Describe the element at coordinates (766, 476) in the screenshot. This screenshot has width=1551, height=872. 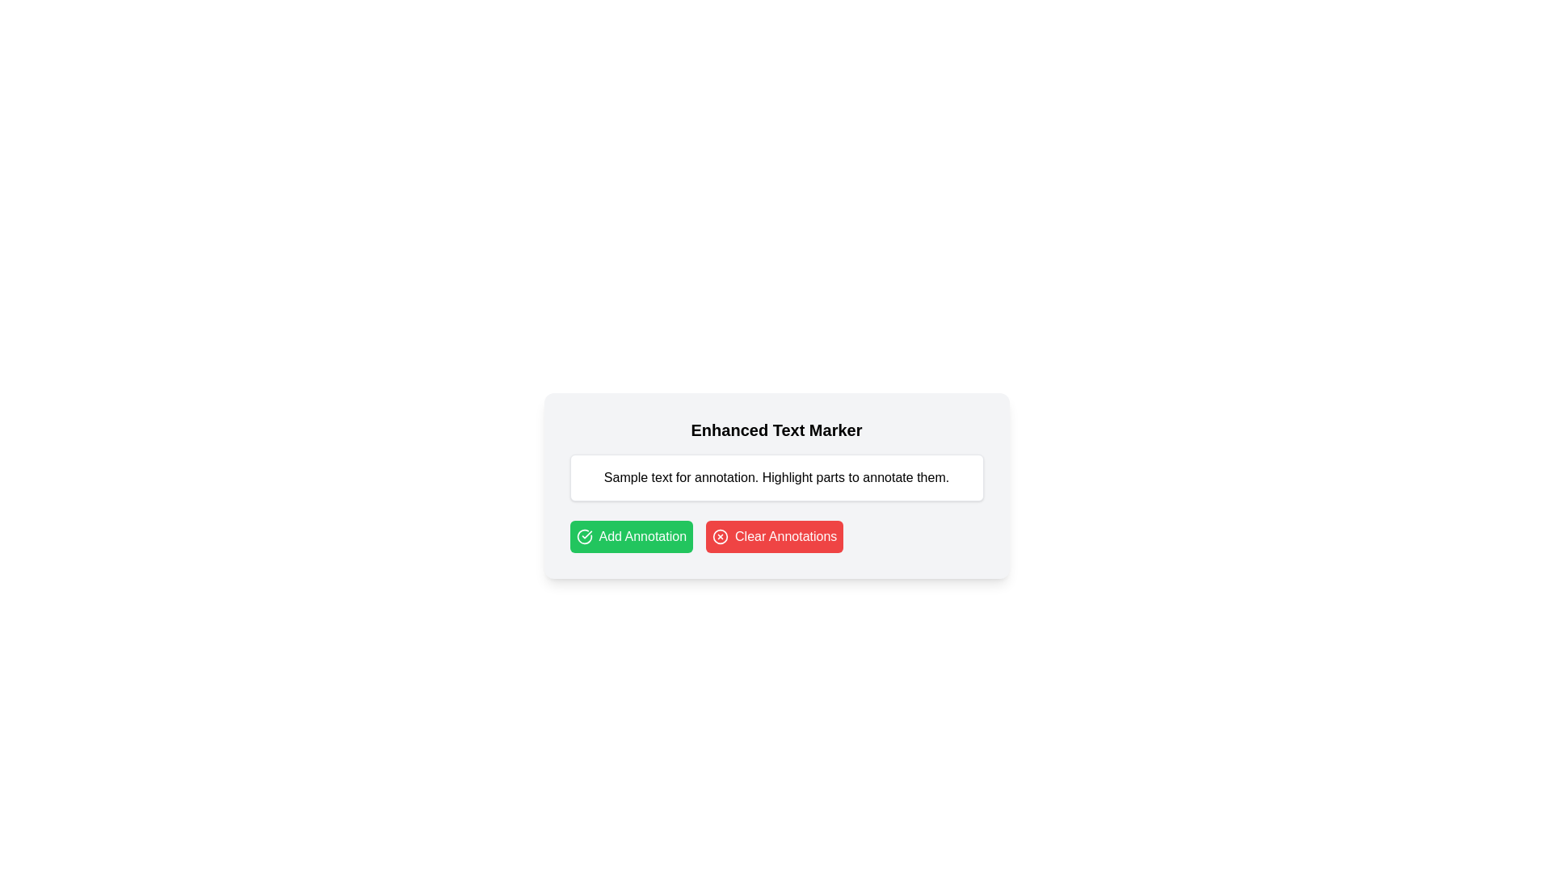
I see `the letter 'H' in the phrase 'Highlight parts to annotate them', which is the 30th character in the text box` at that location.